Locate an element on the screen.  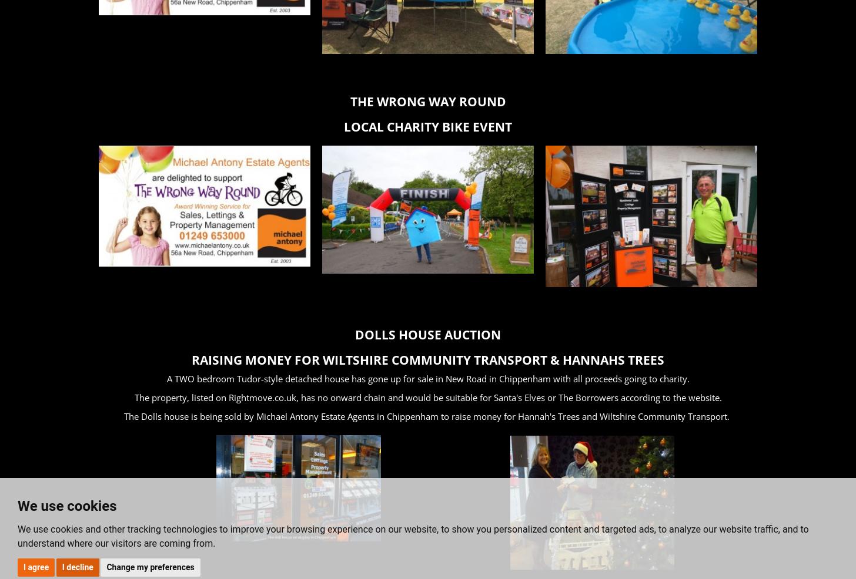
'I decline' is located at coordinates (61, 566).